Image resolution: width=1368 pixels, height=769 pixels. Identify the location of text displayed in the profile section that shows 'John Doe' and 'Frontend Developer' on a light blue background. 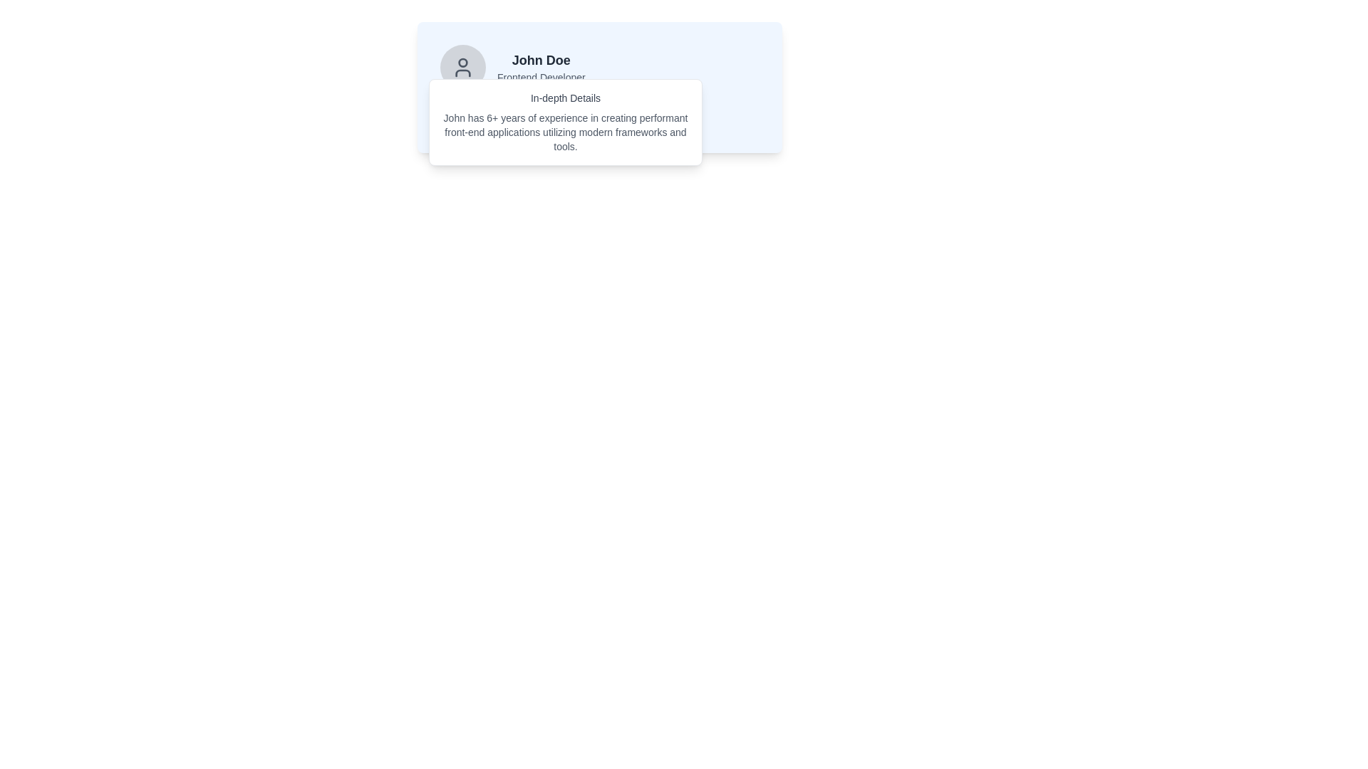
(540, 68).